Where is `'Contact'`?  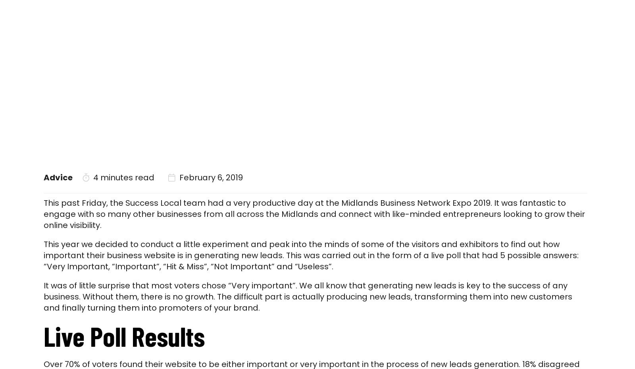
'Contact' is located at coordinates (547, 20).